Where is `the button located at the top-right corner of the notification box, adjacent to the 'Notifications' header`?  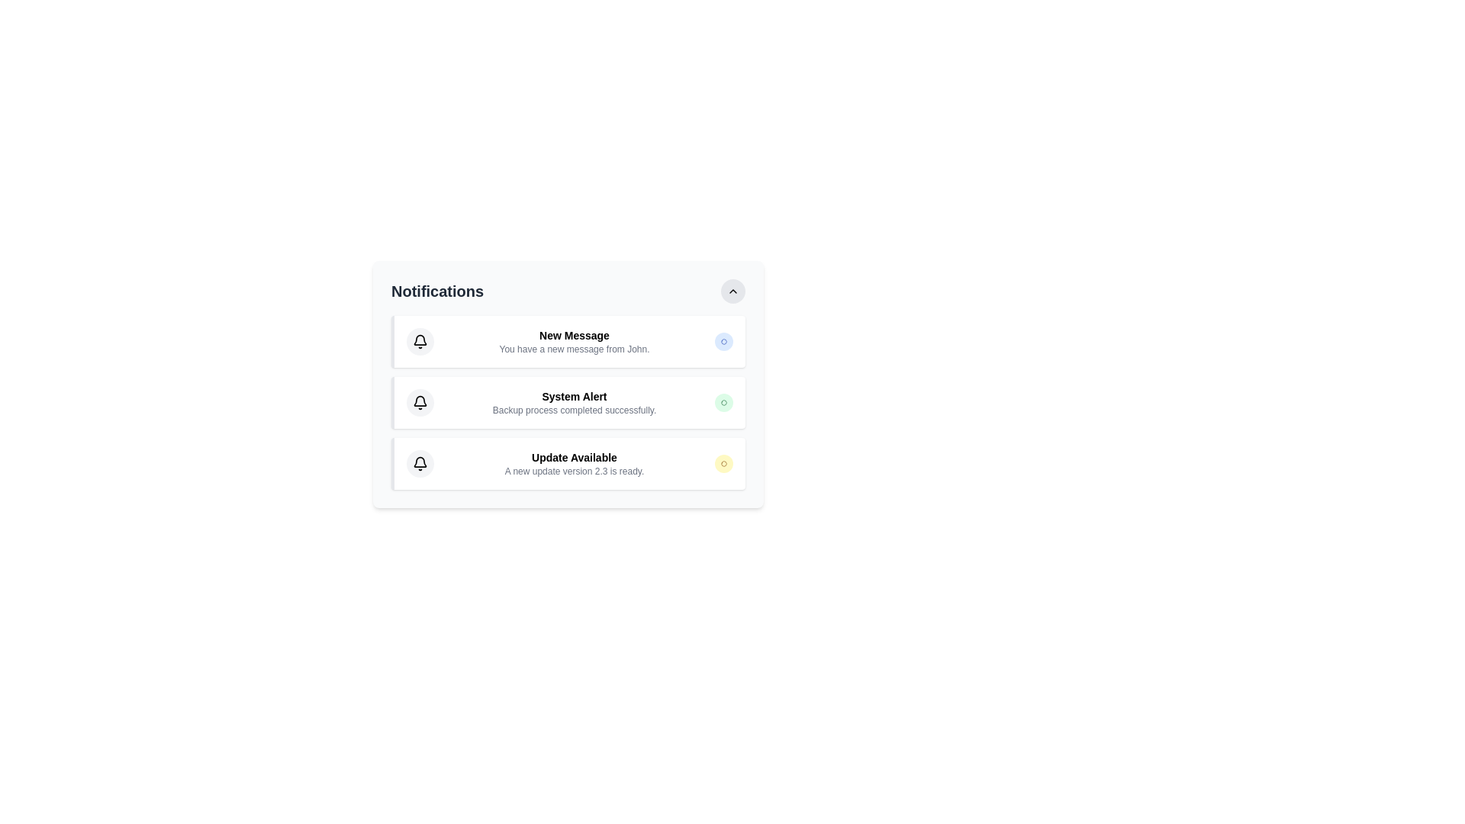
the button located at the top-right corner of the notification box, adjacent to the 'Notifications' header is located at coordinates (732, 291).